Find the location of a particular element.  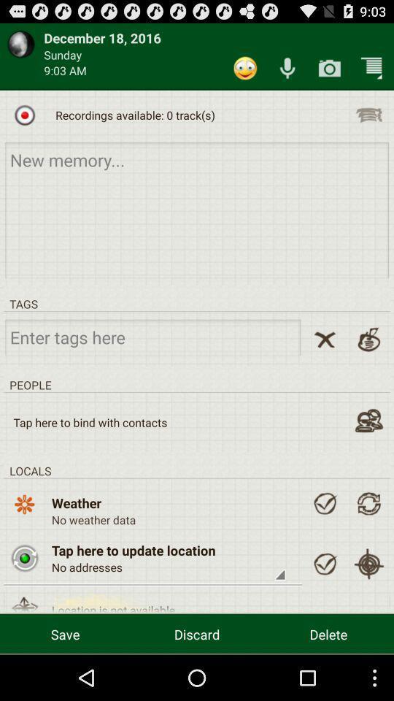

button is located at coordinates (325, 340).